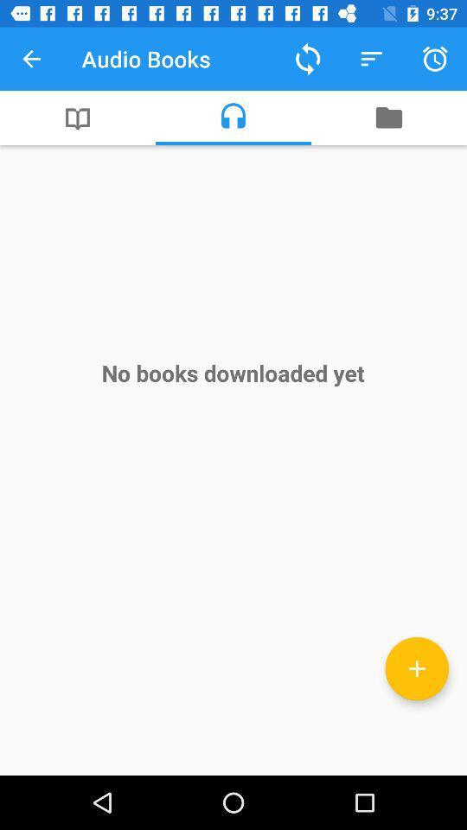  Describe the element at coordinates (388, 117) in the screenshot. I see `the item above the no books downloaded item` at that location.